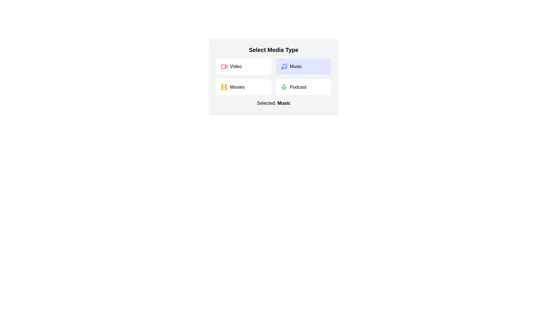 The image size is (552, 310). What do you see at coordinates (303, 87) in the screenshot?
I see `the media type Podcast by clicking on its corresponding button` at bounding box center [303, 87].